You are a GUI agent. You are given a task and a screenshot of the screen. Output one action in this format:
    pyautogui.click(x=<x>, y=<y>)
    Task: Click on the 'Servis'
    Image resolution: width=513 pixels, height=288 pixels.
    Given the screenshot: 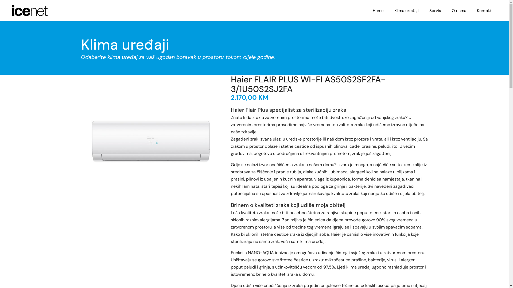 What is the action you would take?
    pyautogui.click(x=435, y=10)
    